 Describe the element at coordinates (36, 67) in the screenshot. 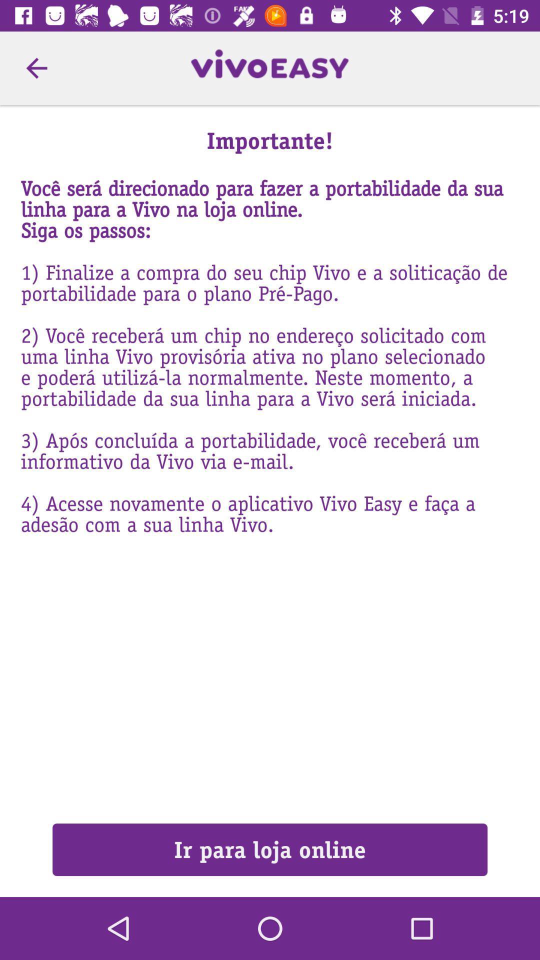

I see `the item at the top left corner` at that location.